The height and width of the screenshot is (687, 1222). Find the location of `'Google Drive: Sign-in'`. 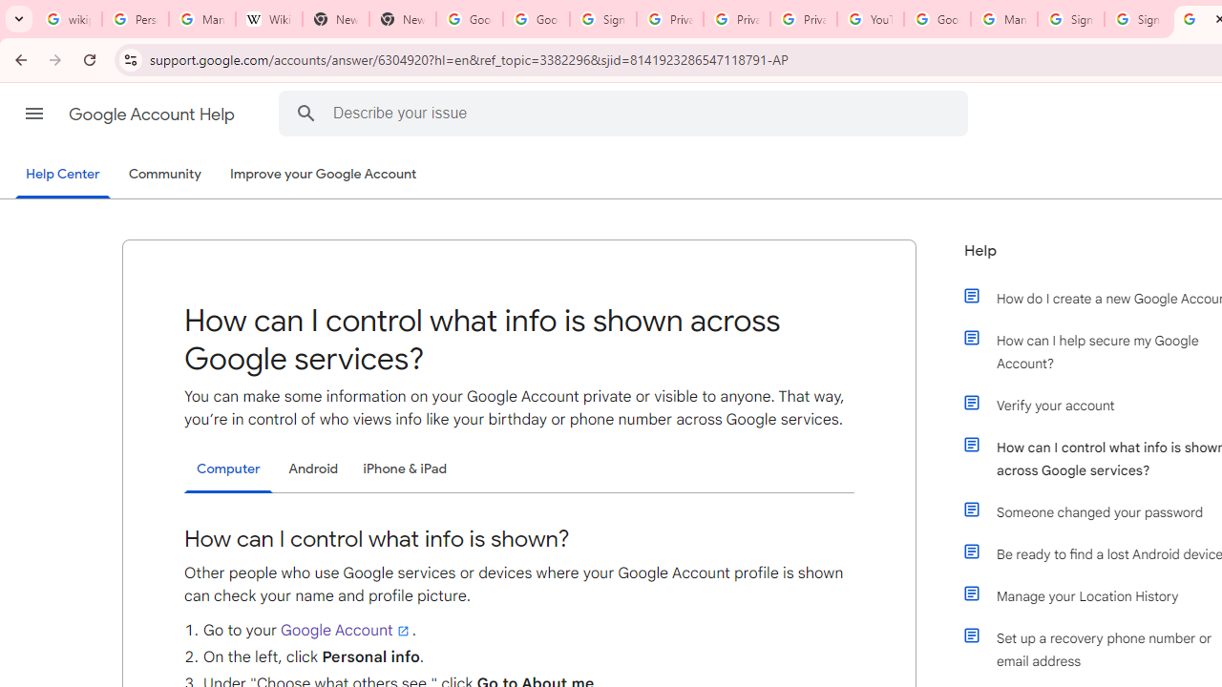

'Google Drive: Sign-in' is located at coordinates (535, 19).